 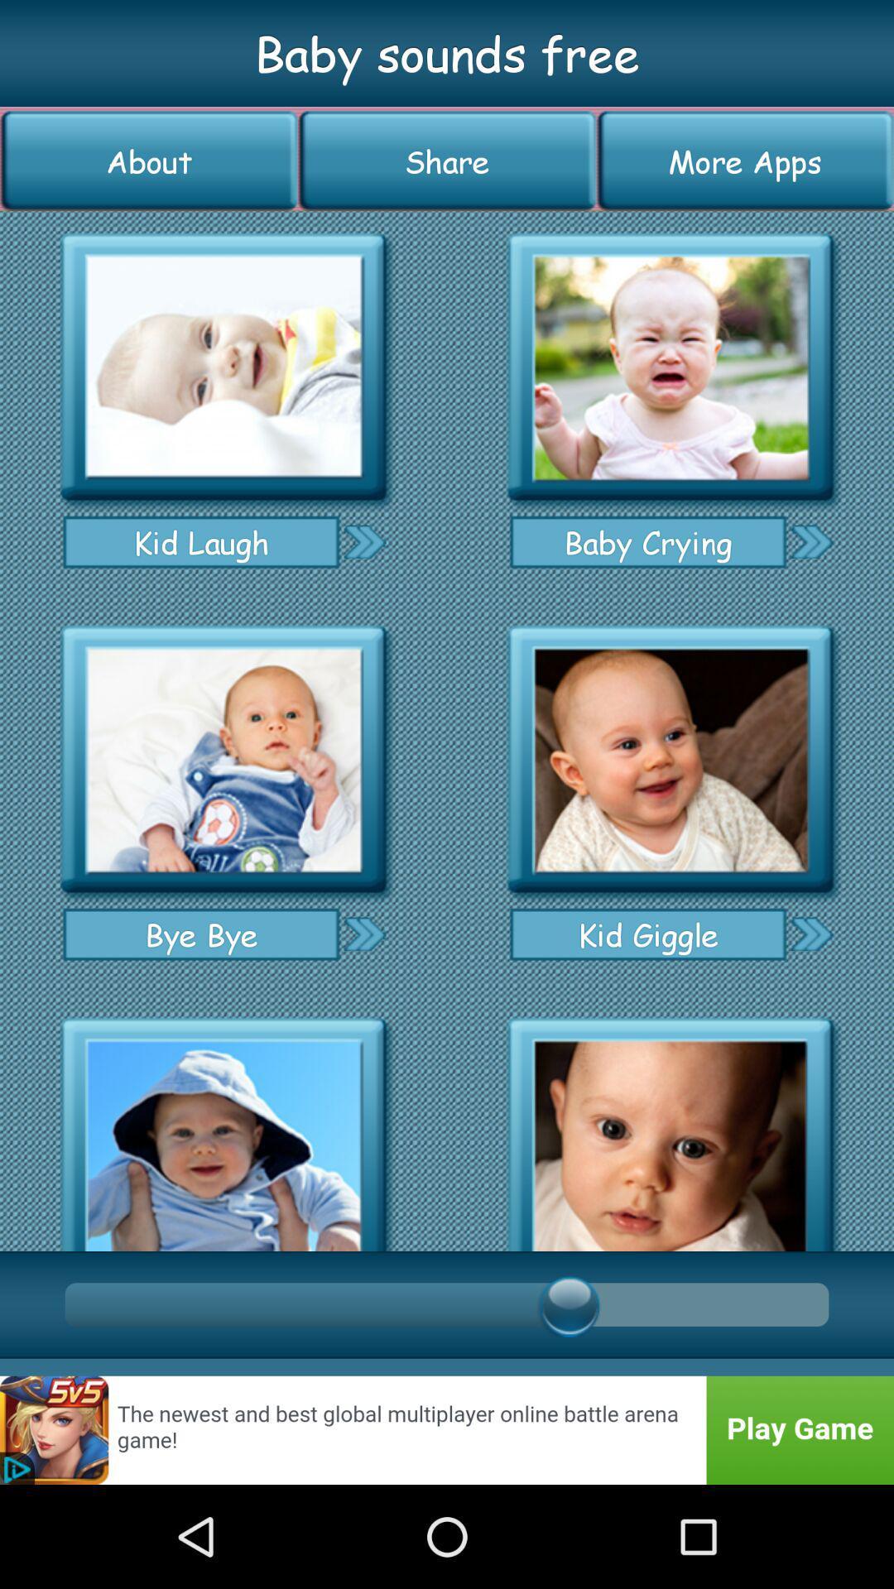 I want to click on see baby crying sound, so click(x=810, y=541).